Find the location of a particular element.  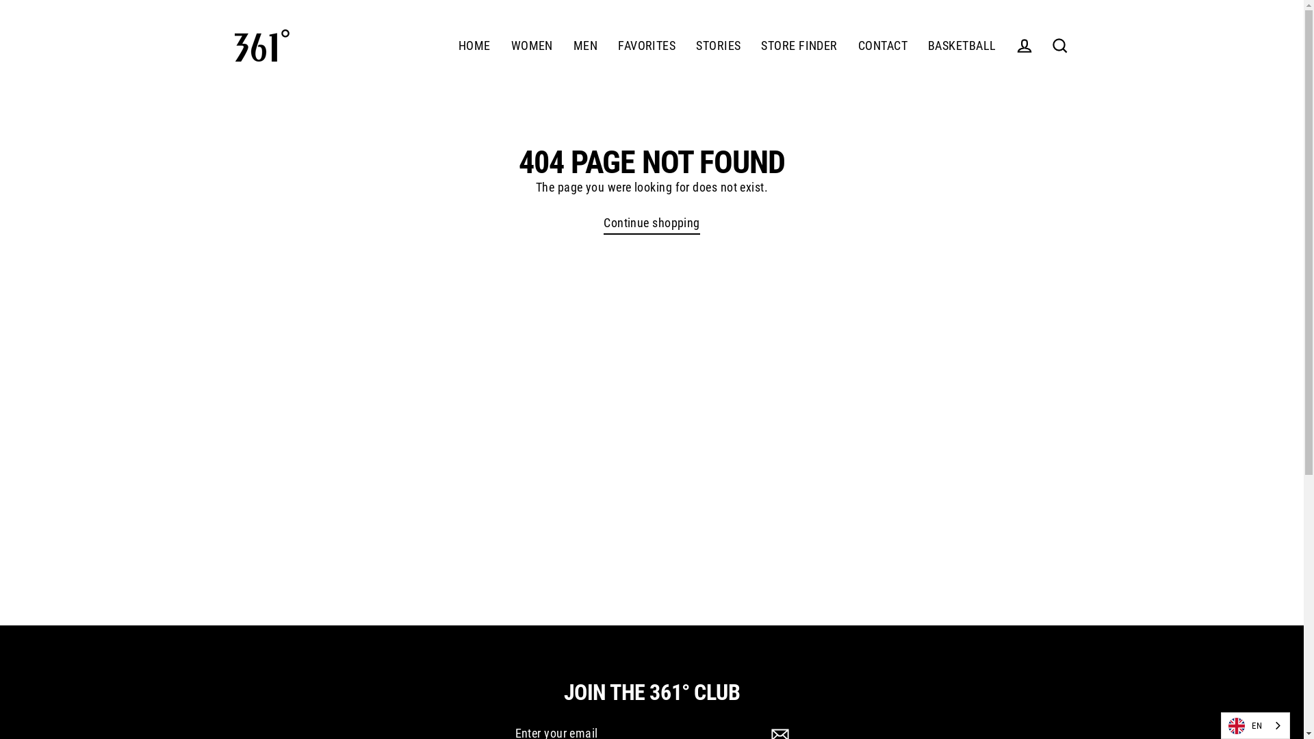

'HOME' is located at coordinates (474, 44).